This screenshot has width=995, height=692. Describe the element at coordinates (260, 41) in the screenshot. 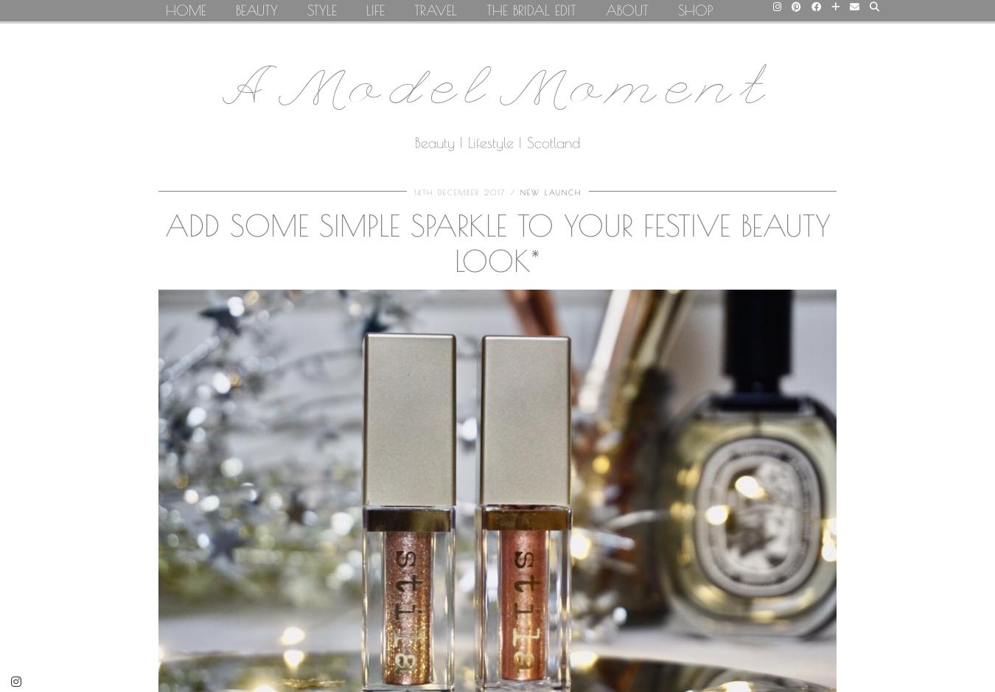

I see `'Makeup'` at that location.